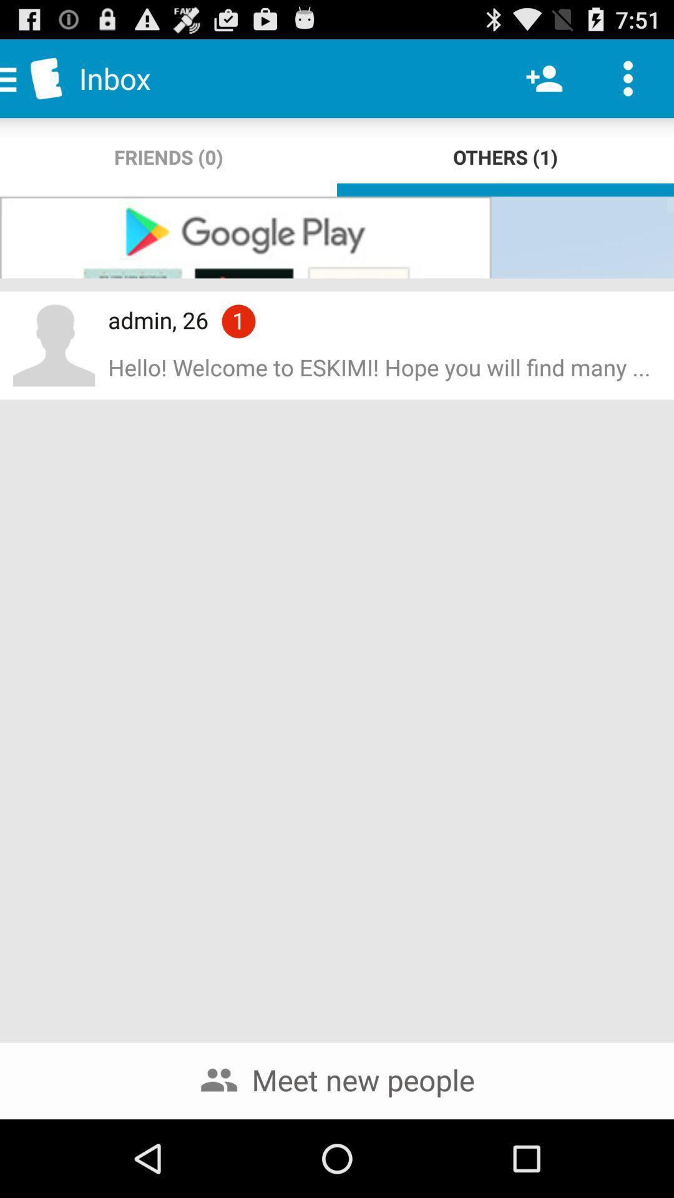 Image resolution: width=674 pixels, height=1198 pixels. Describe the element at coordinates (337, 237) in the screenshot. I see `open google advertisement` at that location.